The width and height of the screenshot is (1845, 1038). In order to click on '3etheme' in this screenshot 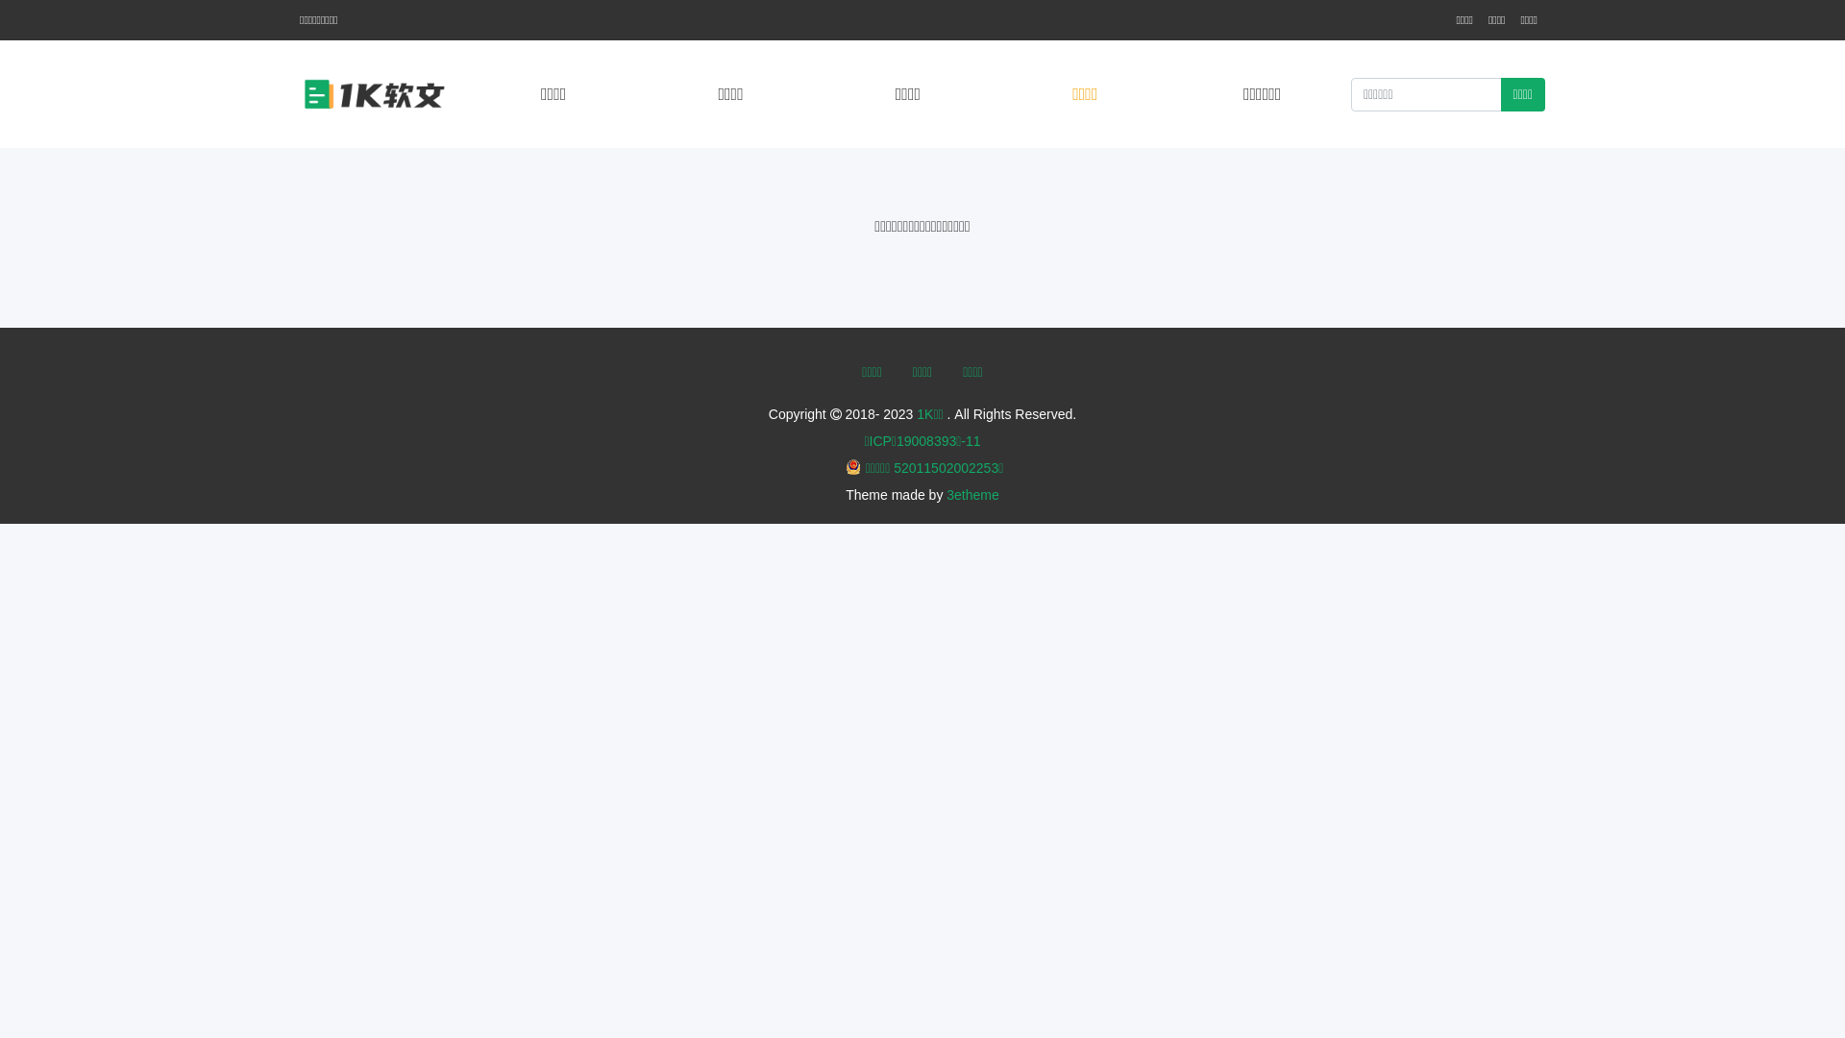, I will do `click(972, 494)`.